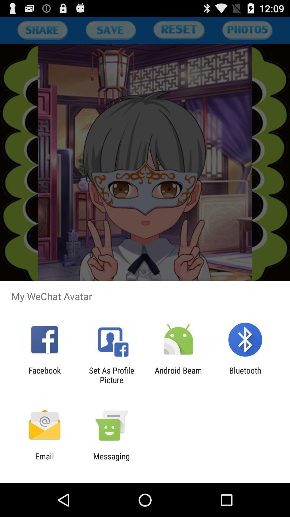 The width and height of the screenshot is (290, 517). What do you see at coordinates (178, 375) in the screenshot?
I see `app to the right of set as profile app` at bounding box center [178, 375].